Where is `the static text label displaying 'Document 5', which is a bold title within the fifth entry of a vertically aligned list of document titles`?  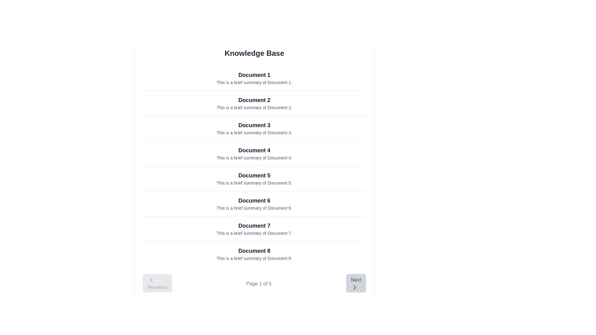 the static text label displaying 'Document 5', which is a bold title within the fifth entry of a vertically aligned list of document titles is located at coordinates (254, 176).